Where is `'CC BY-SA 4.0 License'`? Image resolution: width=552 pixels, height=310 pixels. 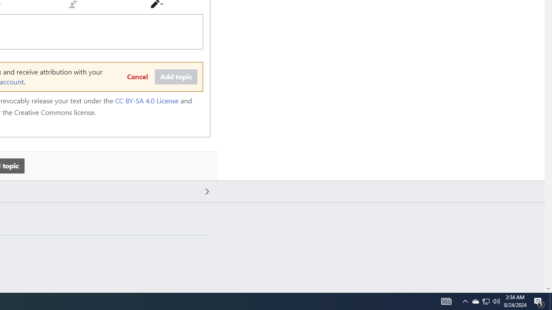
'CC BY-SA 4.0 License' is located at coordinates (147, 100).